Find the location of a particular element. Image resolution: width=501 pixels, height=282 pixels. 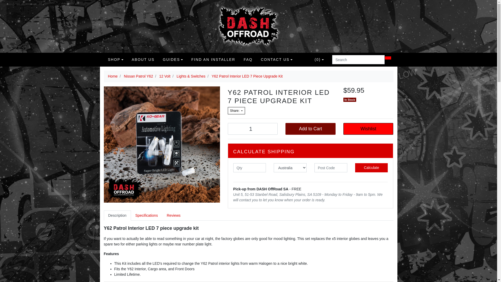

'Skip to main content' is located at coordinates (0, 0).